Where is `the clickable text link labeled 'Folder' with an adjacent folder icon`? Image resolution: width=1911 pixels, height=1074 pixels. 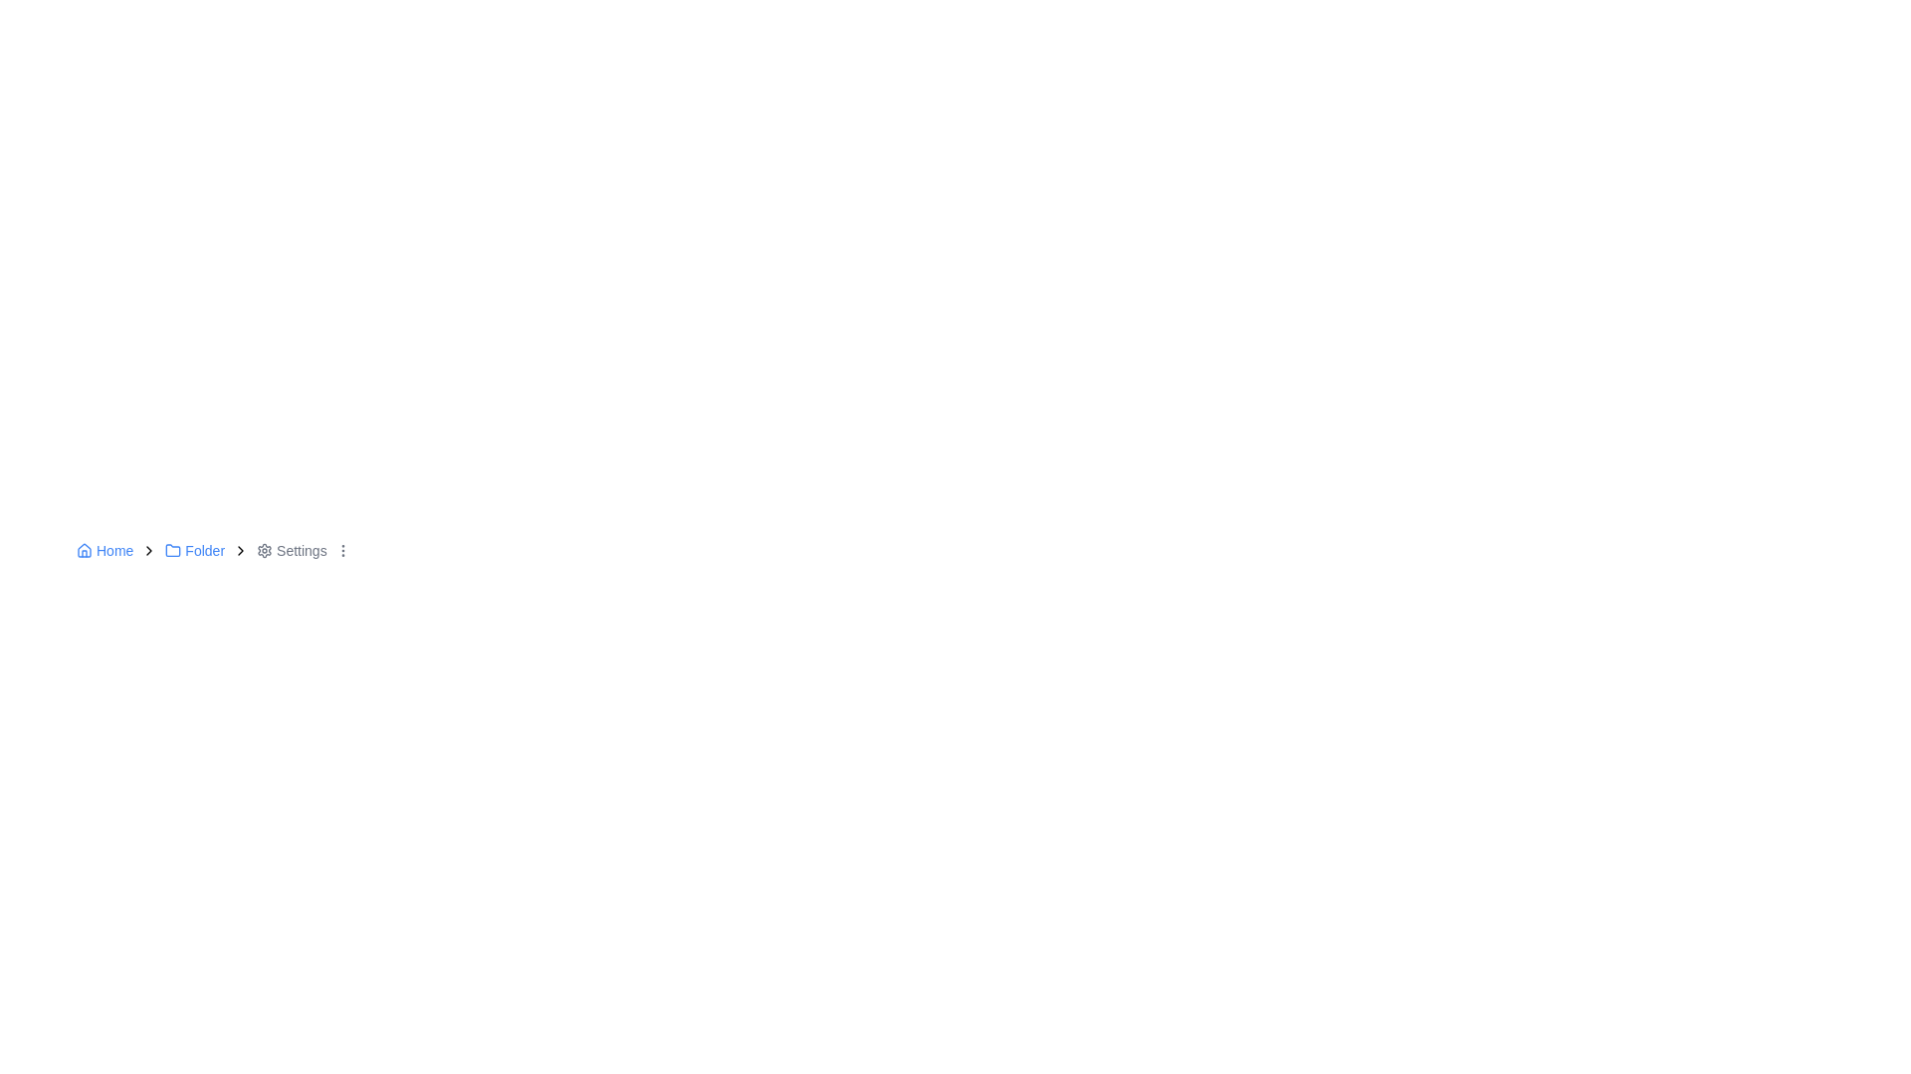 the clickable text link labeled 'Folder' with an adjacent folder icon is located at coordinates (195, 551).